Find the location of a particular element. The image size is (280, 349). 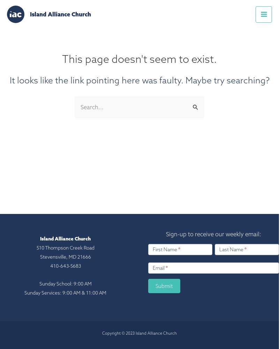

'First Name' is located at coordinates (165, 249).